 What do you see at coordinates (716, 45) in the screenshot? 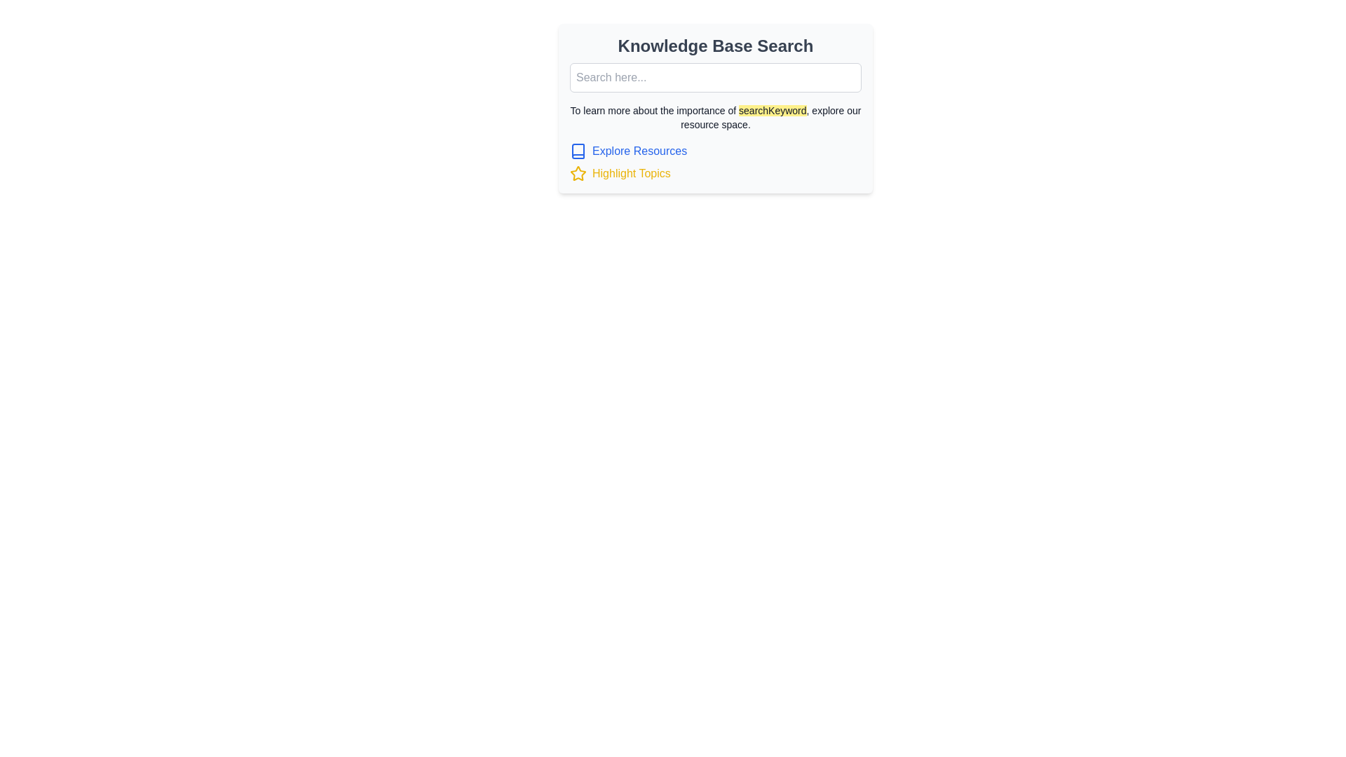
I see `attention on the 'Knowledge Base Search' heading` at bounding box center [716, 45].